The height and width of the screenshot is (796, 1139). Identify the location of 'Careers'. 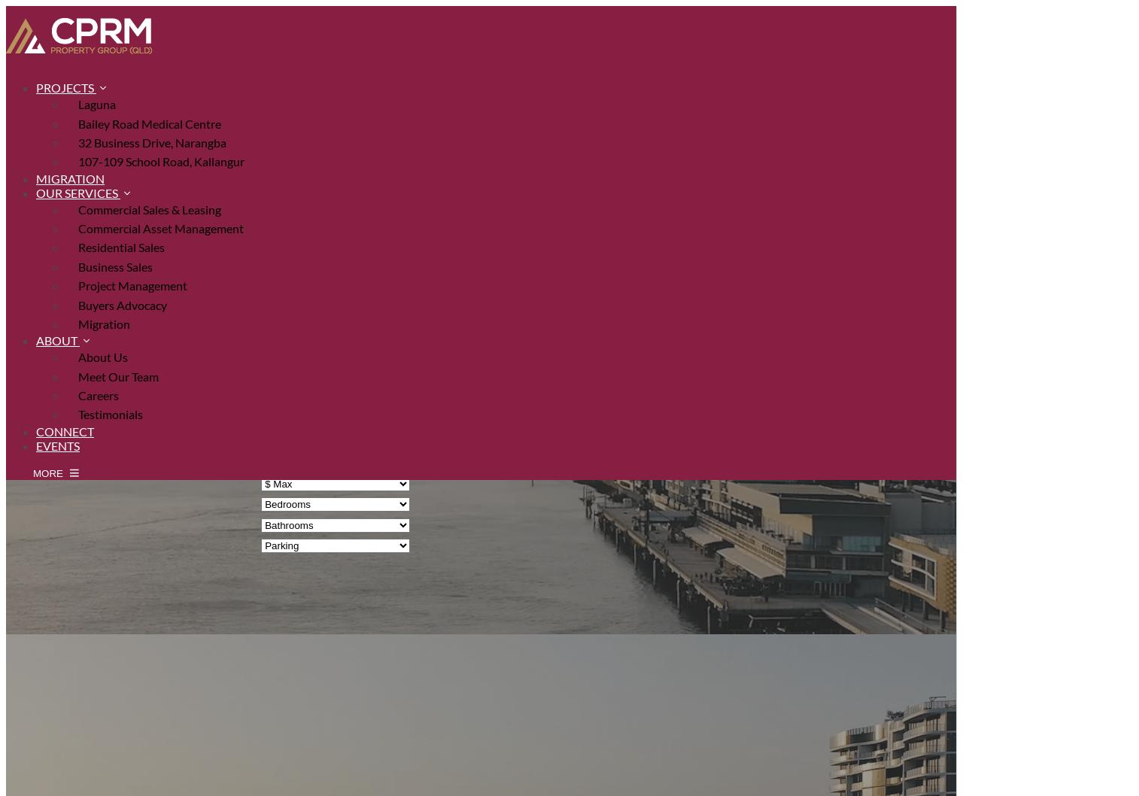
(77, 394).